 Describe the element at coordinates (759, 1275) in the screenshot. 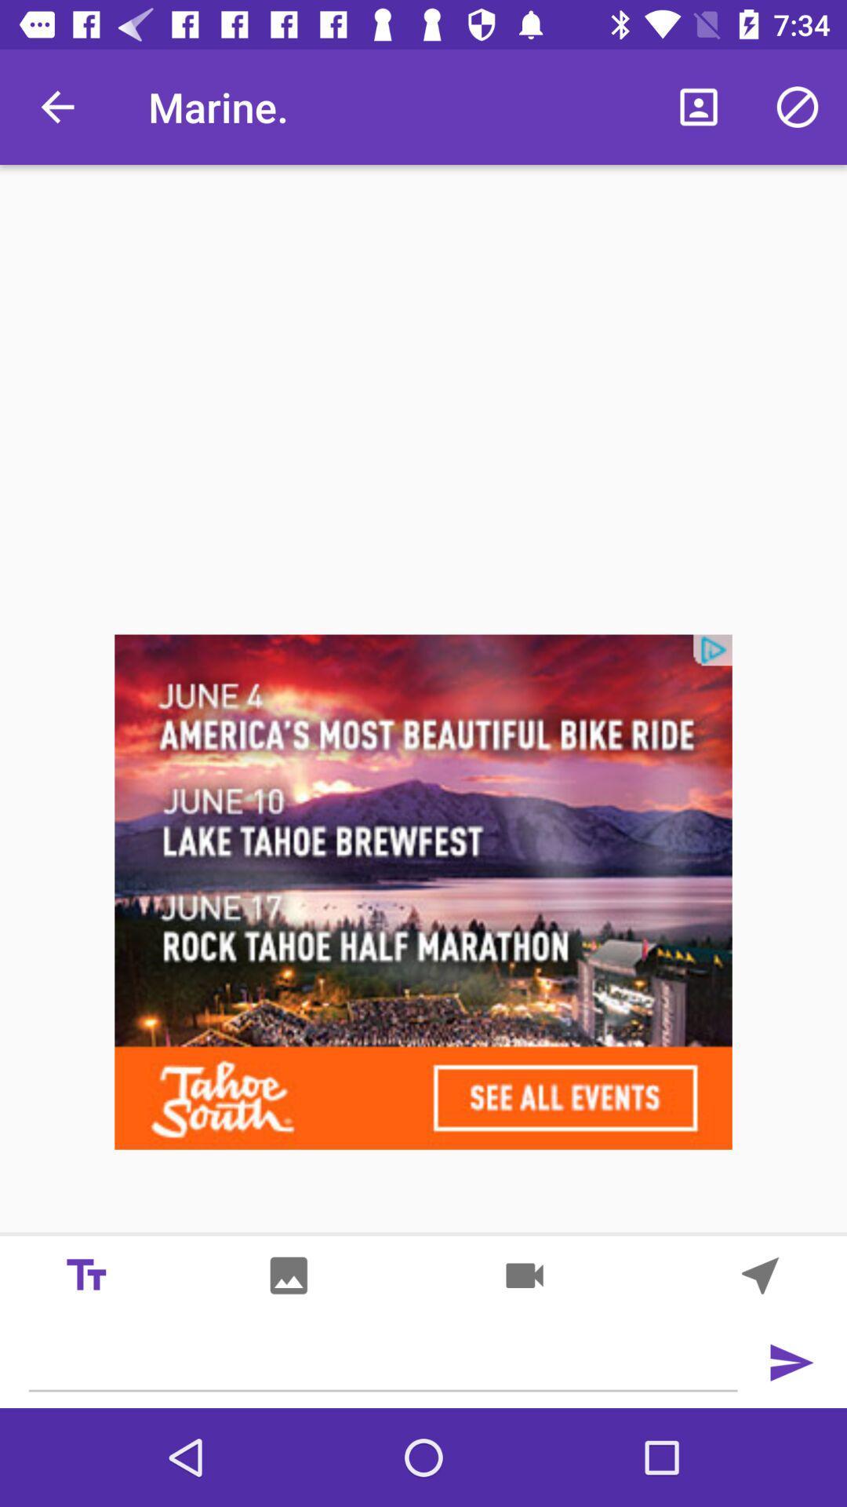

I see `the navigation icon` at that location.